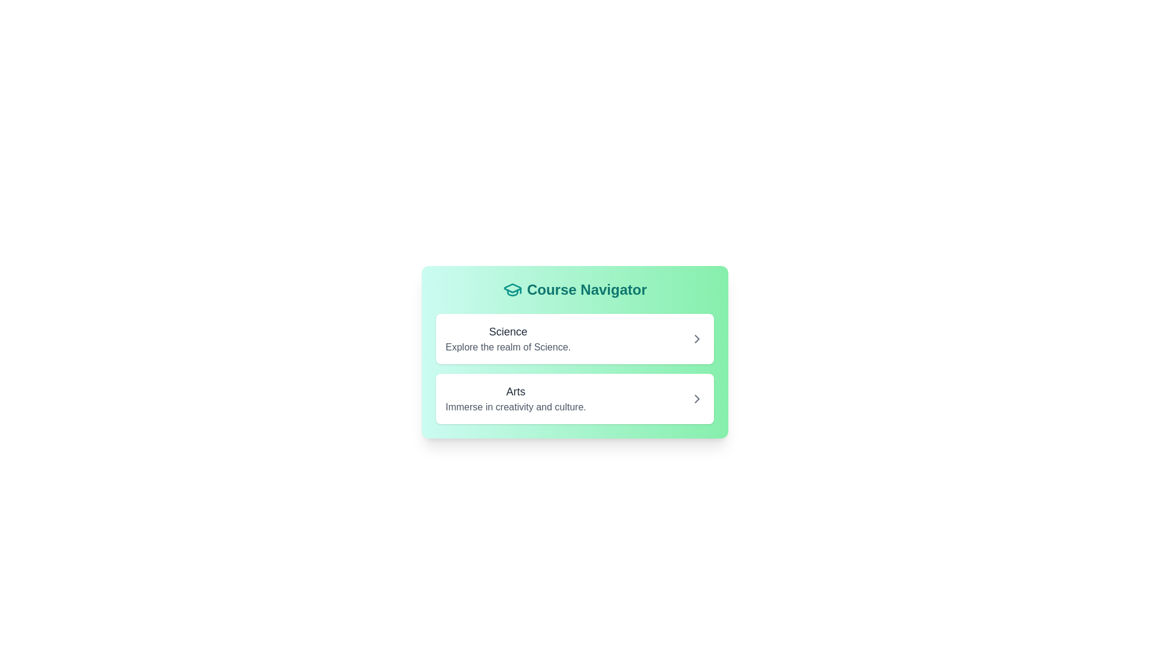 The image size is (1150, 647). Describe the element at coordinates (575, 399) in the screenshot. I see `the 'Arts' Clickable Card, which is the second item in the 'Course Navigator' section` at that location.